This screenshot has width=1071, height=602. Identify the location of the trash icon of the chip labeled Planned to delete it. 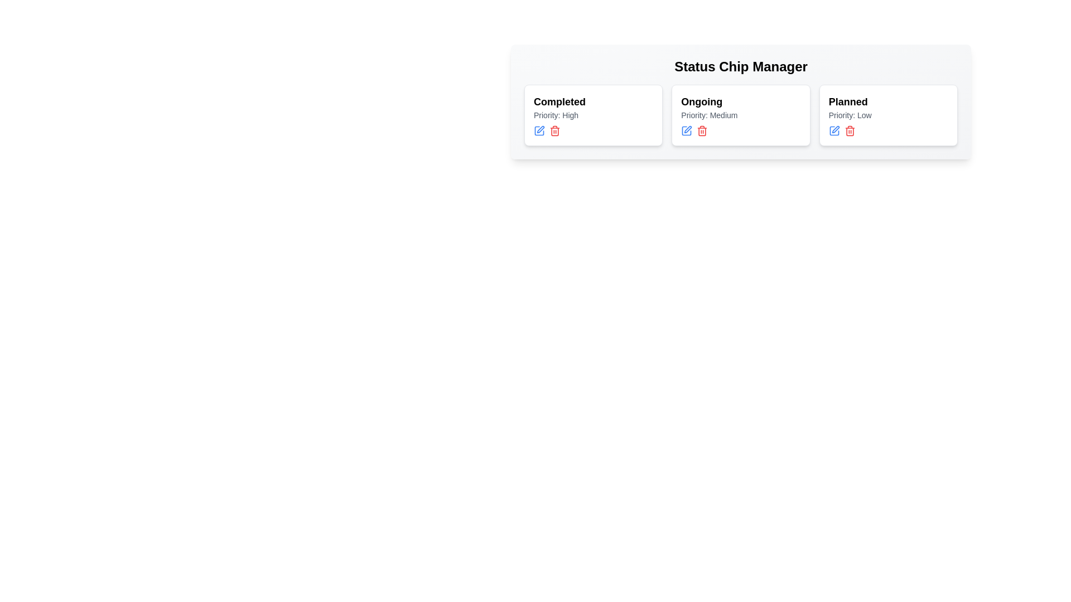
(848, 130).